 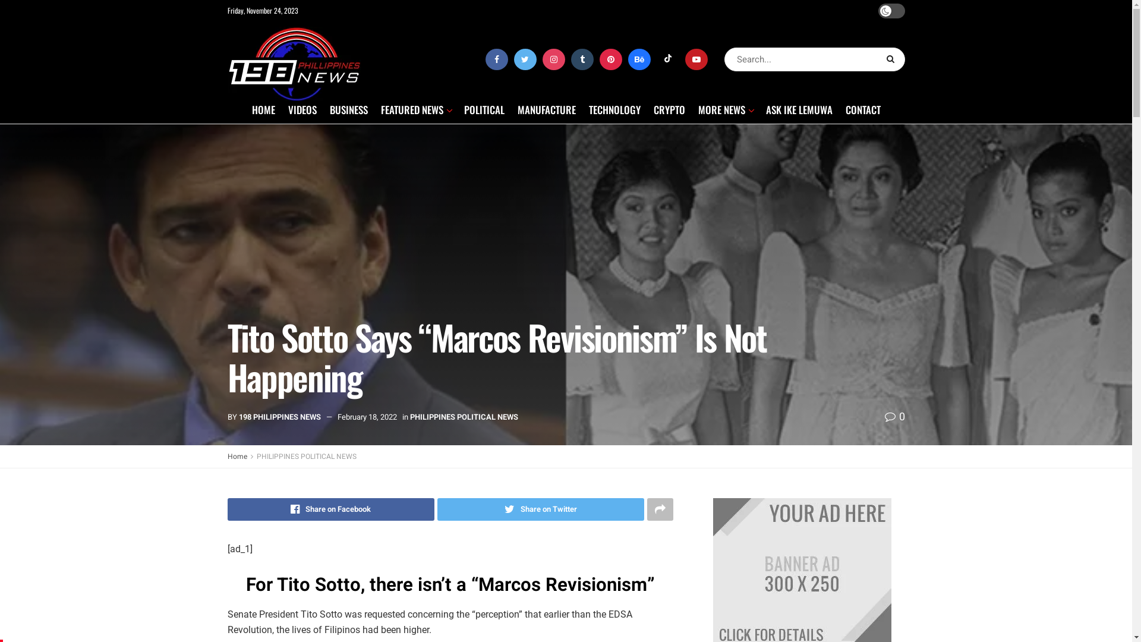 What do you see at coordinates (862, 109) in the screenshot?
I see `'CONTACT'` at bounding box center [862, 109].